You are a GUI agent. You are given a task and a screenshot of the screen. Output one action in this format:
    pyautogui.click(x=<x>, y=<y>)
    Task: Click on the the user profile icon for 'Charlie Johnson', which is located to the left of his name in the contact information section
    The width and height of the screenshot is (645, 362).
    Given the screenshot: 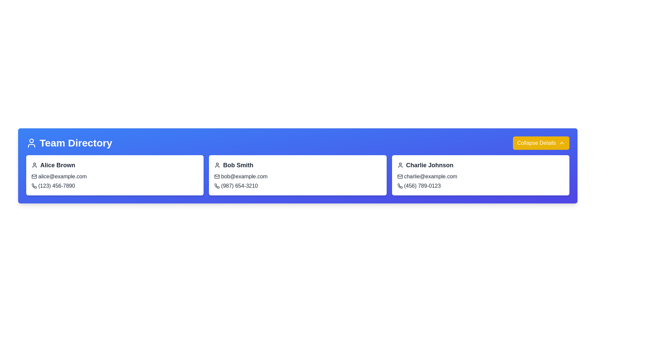 What is the action you would take?
    pyautogui.click(x=400, y=165)
    